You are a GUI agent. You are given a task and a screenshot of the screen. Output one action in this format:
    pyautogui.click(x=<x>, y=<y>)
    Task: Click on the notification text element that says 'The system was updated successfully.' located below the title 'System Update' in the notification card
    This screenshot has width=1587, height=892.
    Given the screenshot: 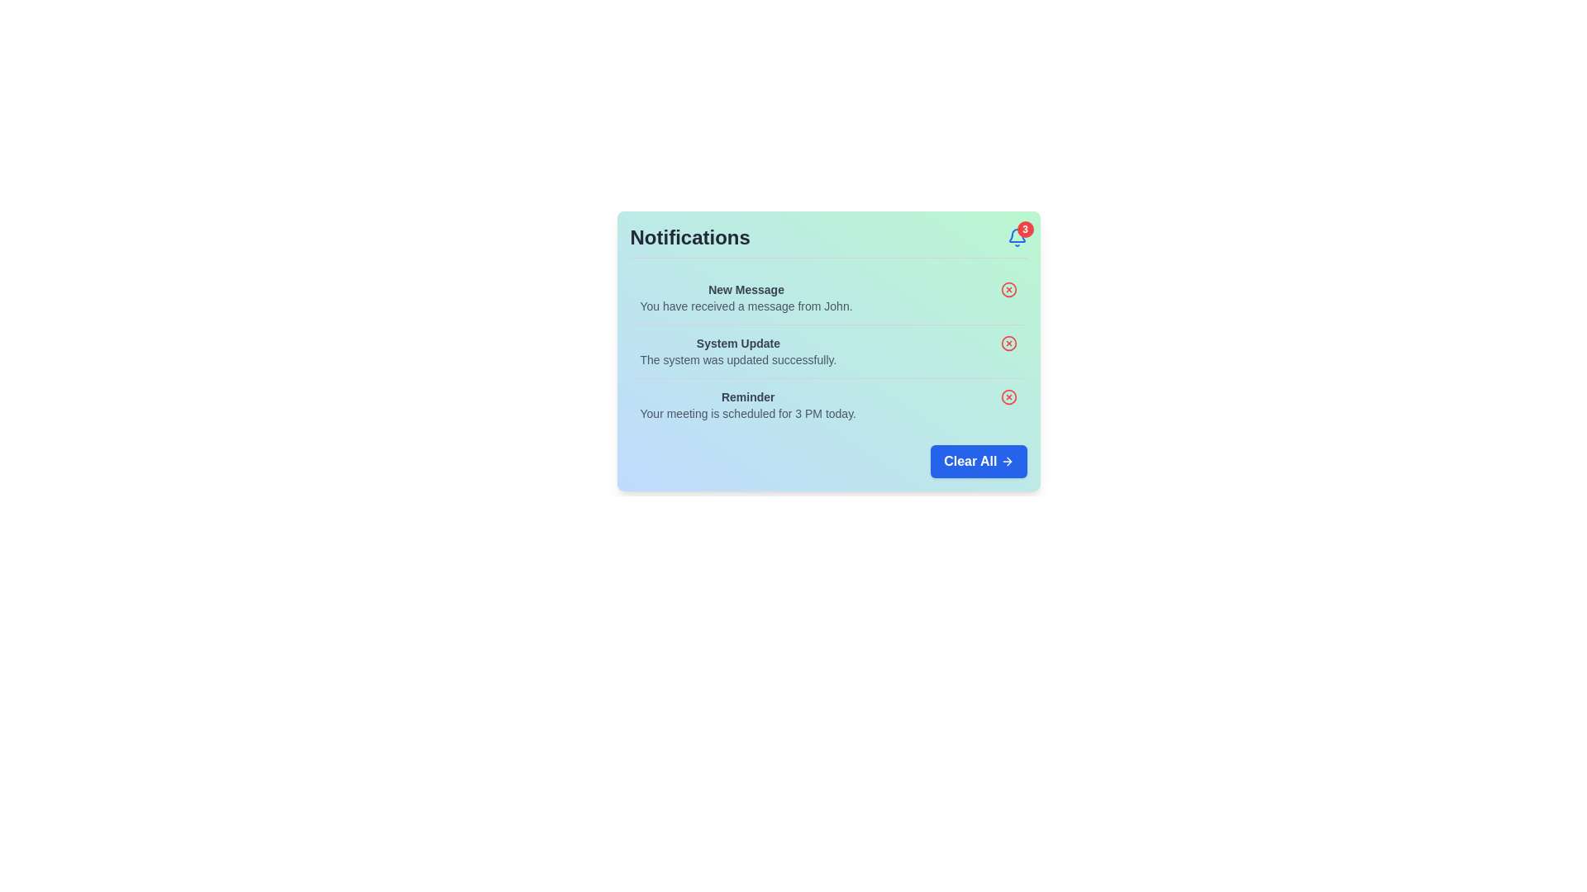 What is the action you would take?
    pyautogui.click(x=737, y=358)
    